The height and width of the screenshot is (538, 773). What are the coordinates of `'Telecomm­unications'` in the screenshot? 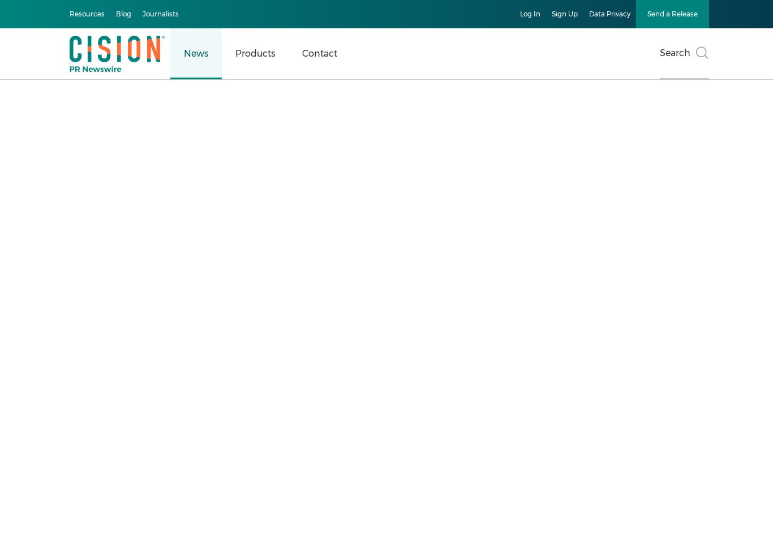 It's located at (85, 379).